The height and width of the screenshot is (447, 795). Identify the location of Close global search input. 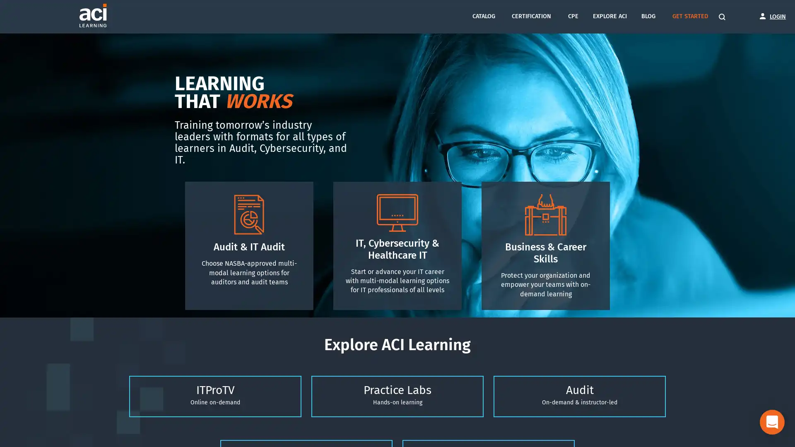
(270, 16).